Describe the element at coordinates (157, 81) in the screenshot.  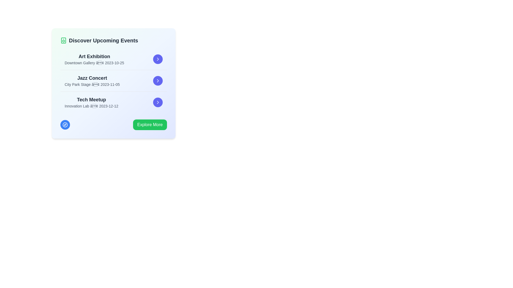
I see `the event details button for Jazz Concert` at that location.